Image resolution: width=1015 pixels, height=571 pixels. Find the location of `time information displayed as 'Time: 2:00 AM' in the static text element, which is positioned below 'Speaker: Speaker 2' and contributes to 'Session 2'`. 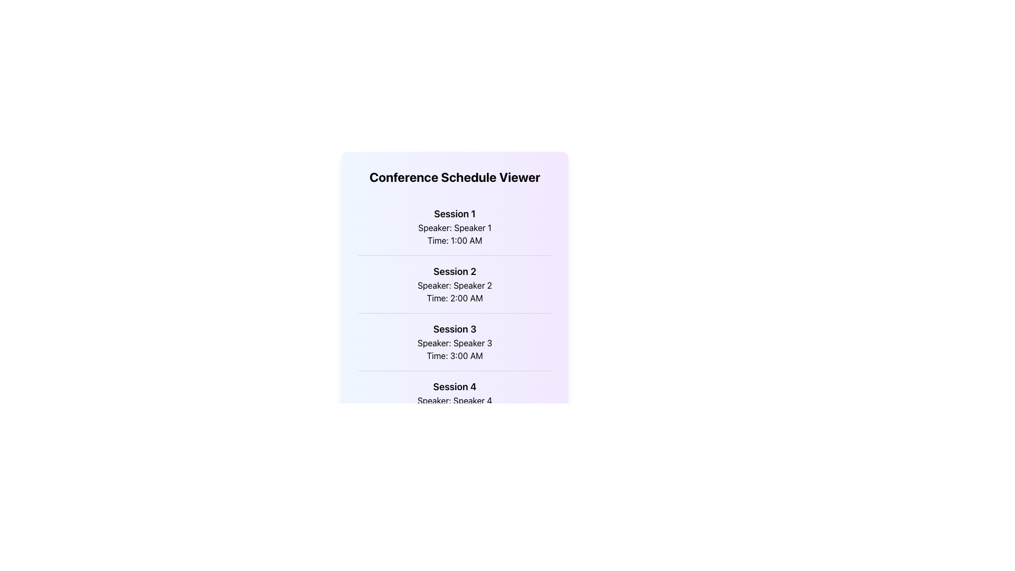

time information displayed as 'Time: 2:00 AM' in the static text element, which is positioned below 'Speaker: Speaker 2' and contributes to 'Session 2' is located at coordinates (455, 298).